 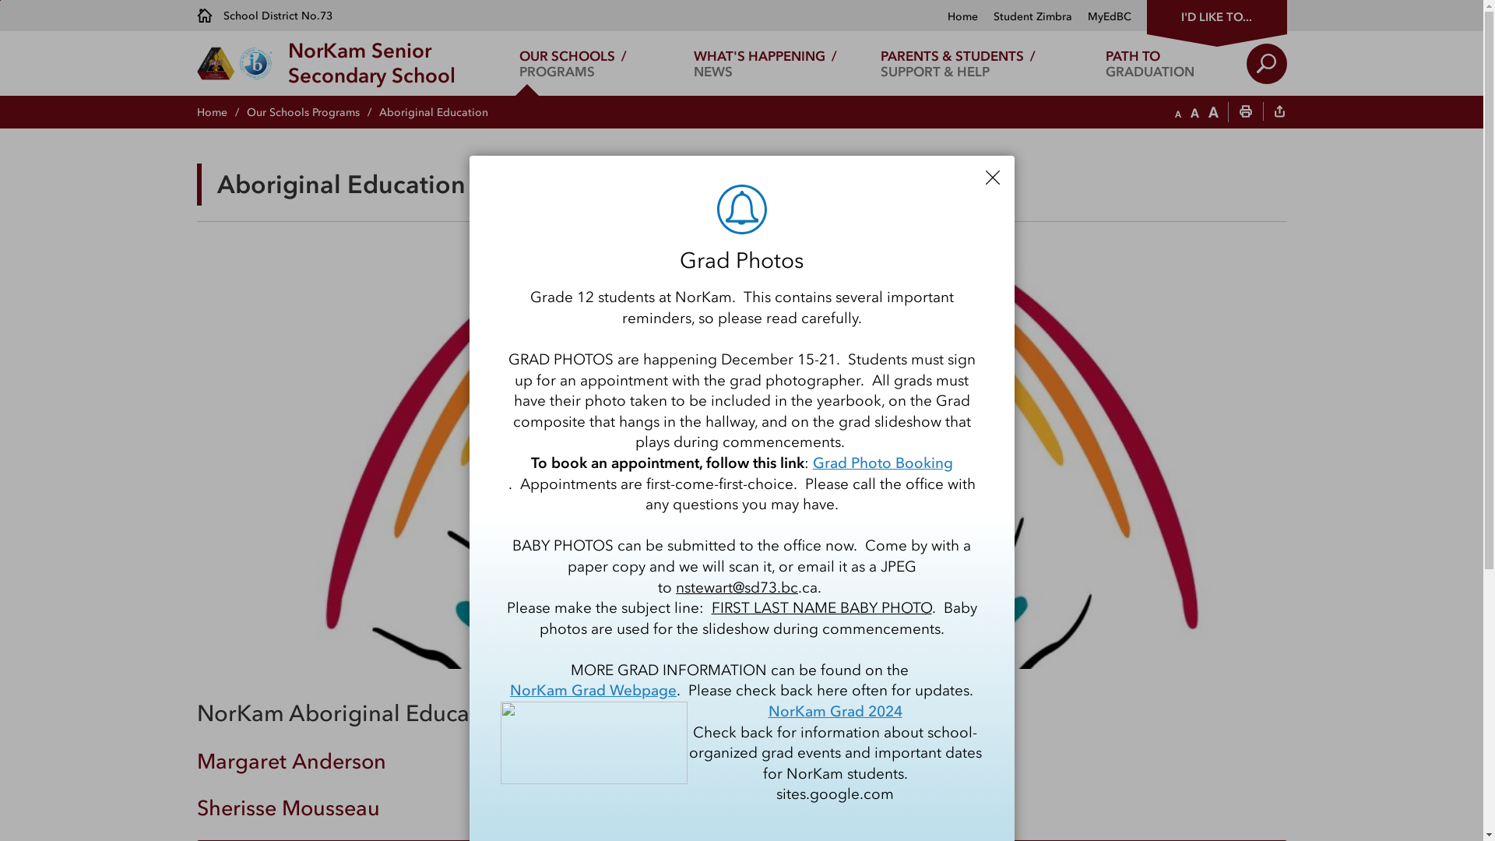 I want to click on 'Our Schools Programs', so click(x=311, y=111).